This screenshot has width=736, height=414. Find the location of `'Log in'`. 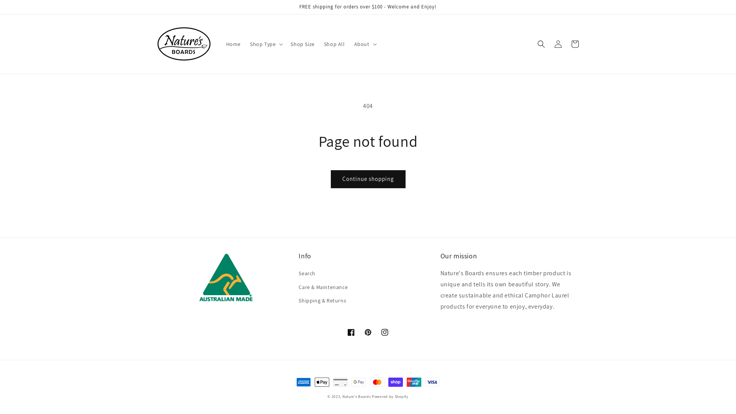

'Log in' is located at coordinates (558, 44).